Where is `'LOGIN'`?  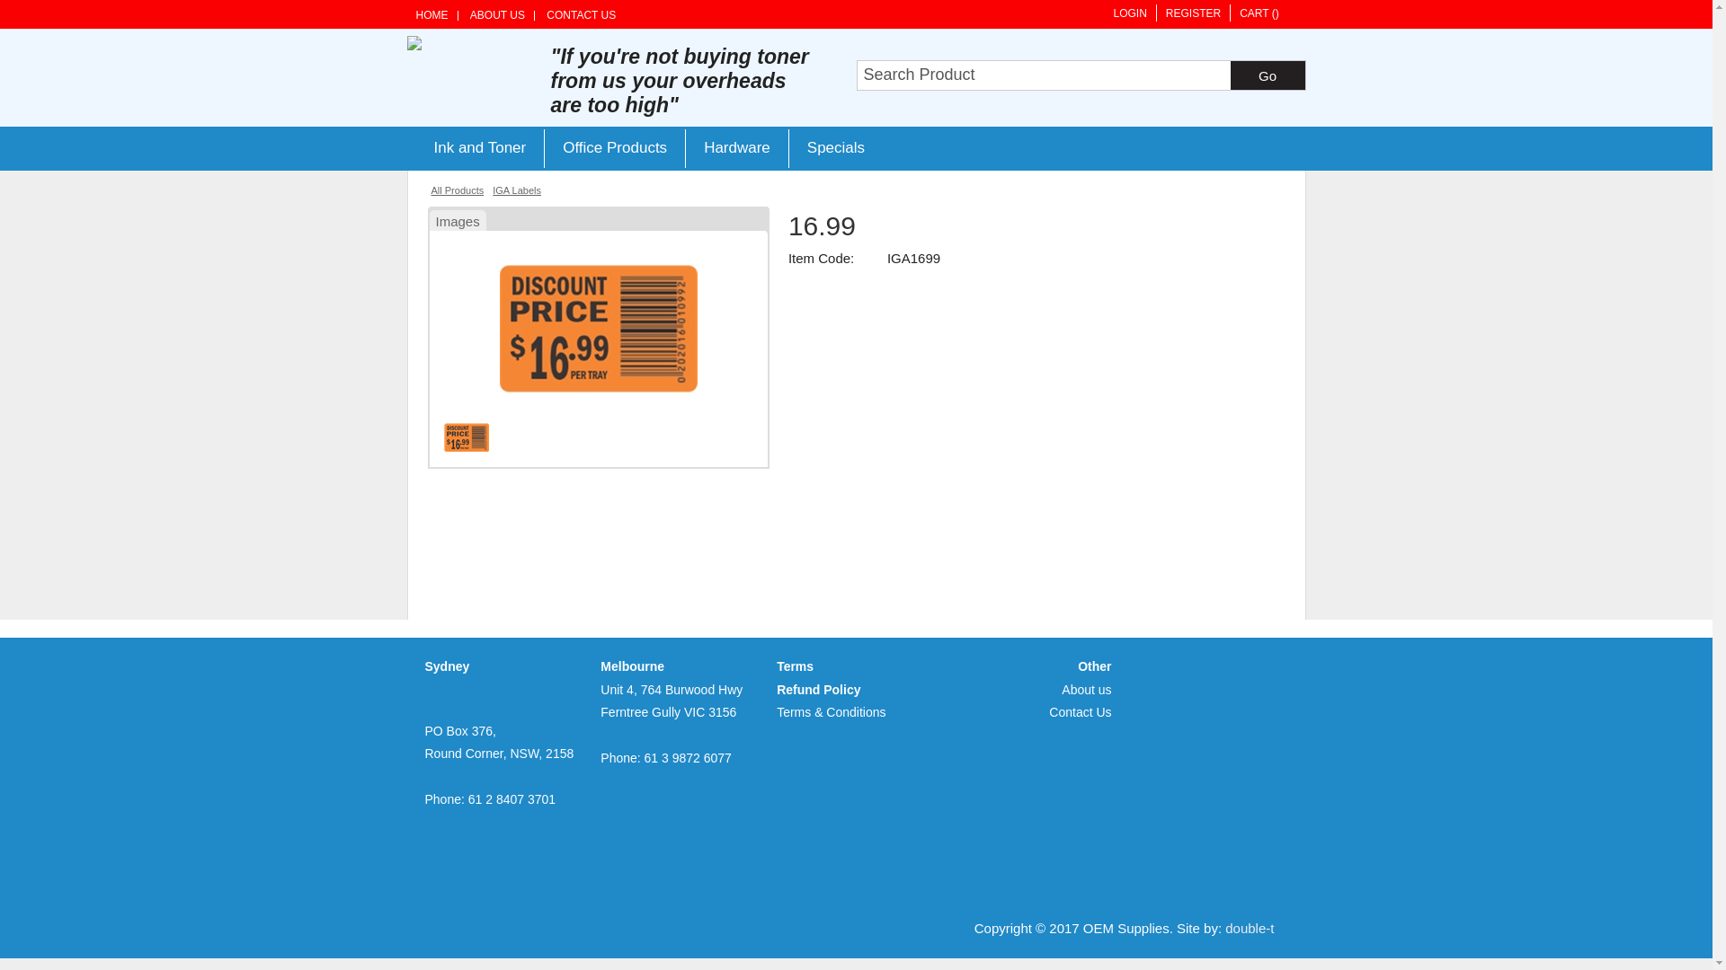 'LOGIN' is located at coordinates (1128, 13).